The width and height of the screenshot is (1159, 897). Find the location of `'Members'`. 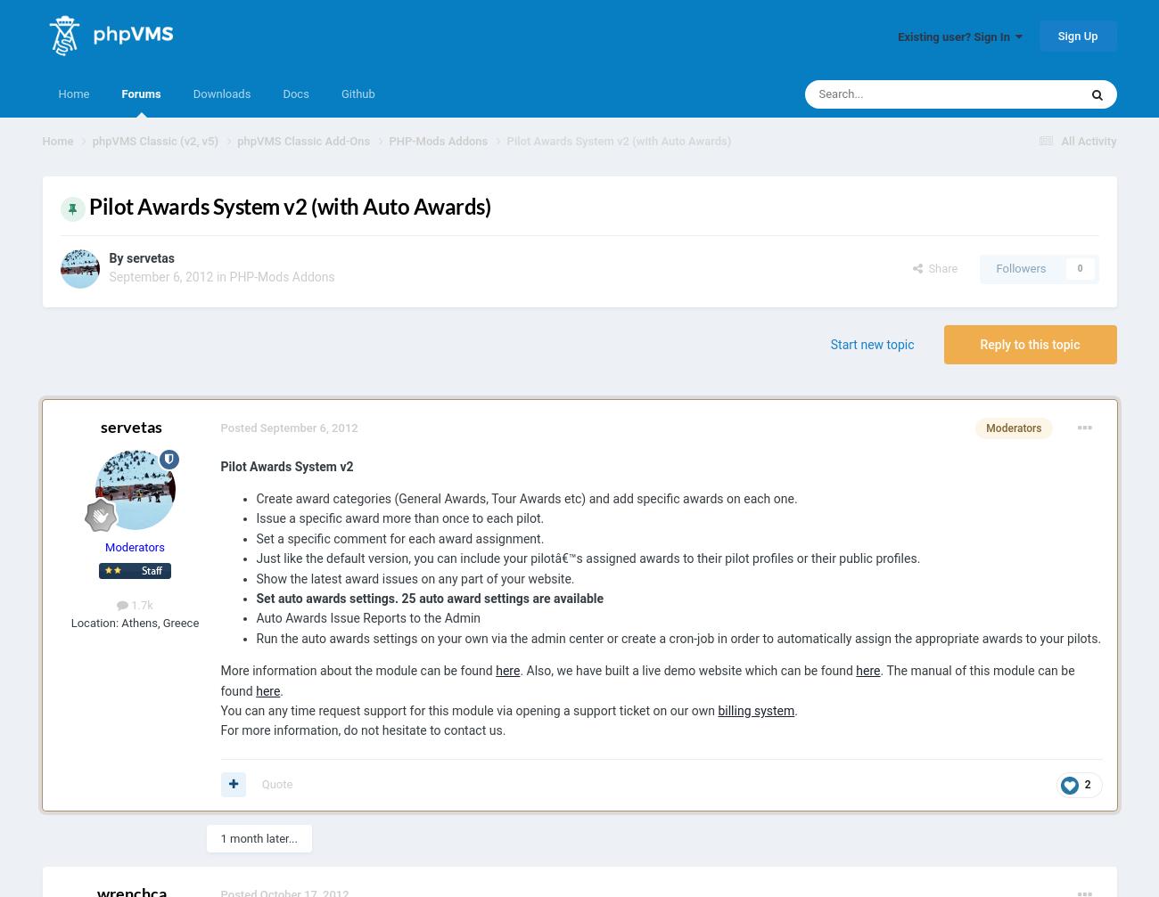

'Members' is located at coordinates (966, 364).